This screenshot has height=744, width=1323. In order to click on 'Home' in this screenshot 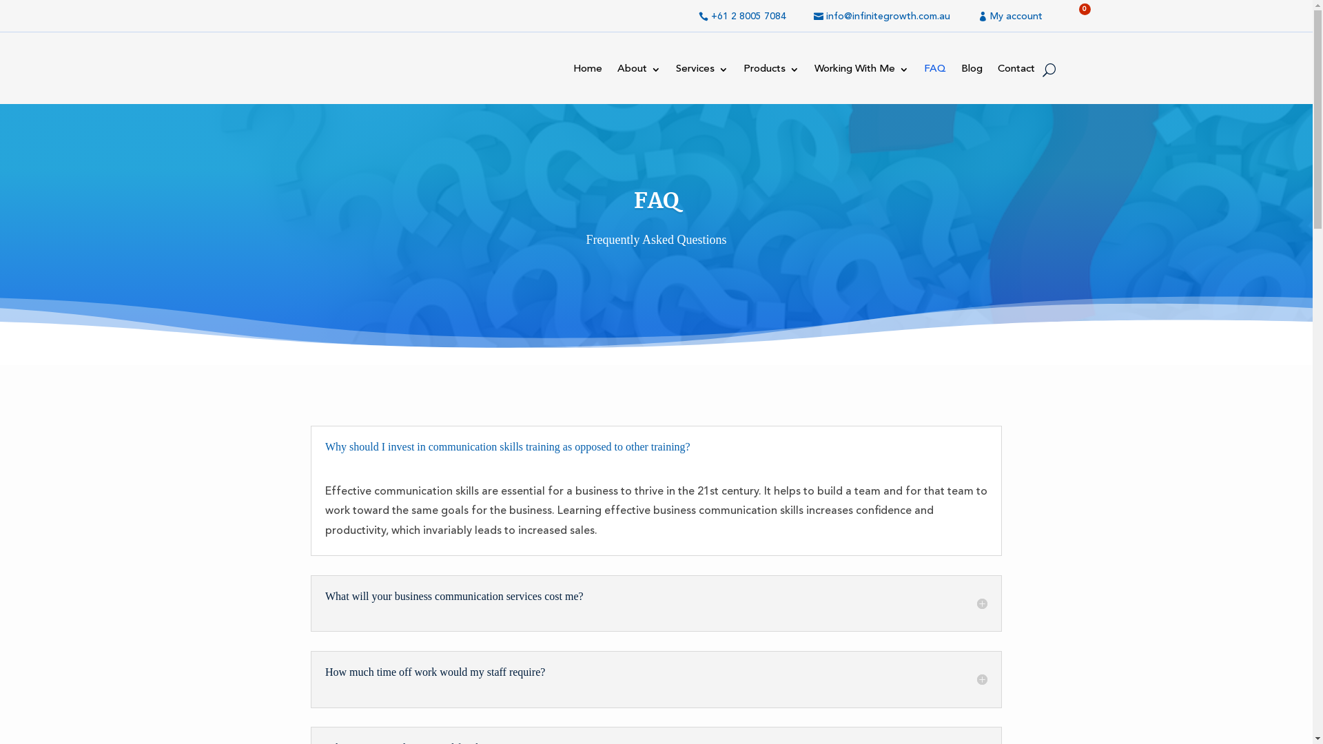, I will do `click(573, 72)`.